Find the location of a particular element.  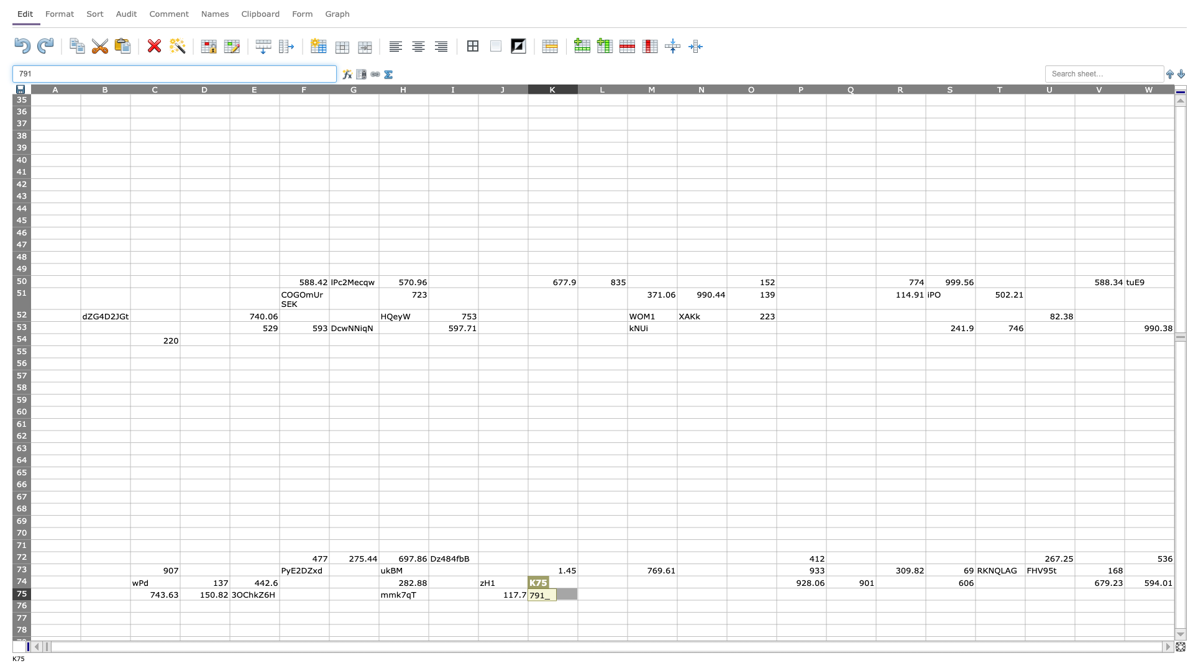

Upper left corner of cell M75 is located at coordinates (627, 587).